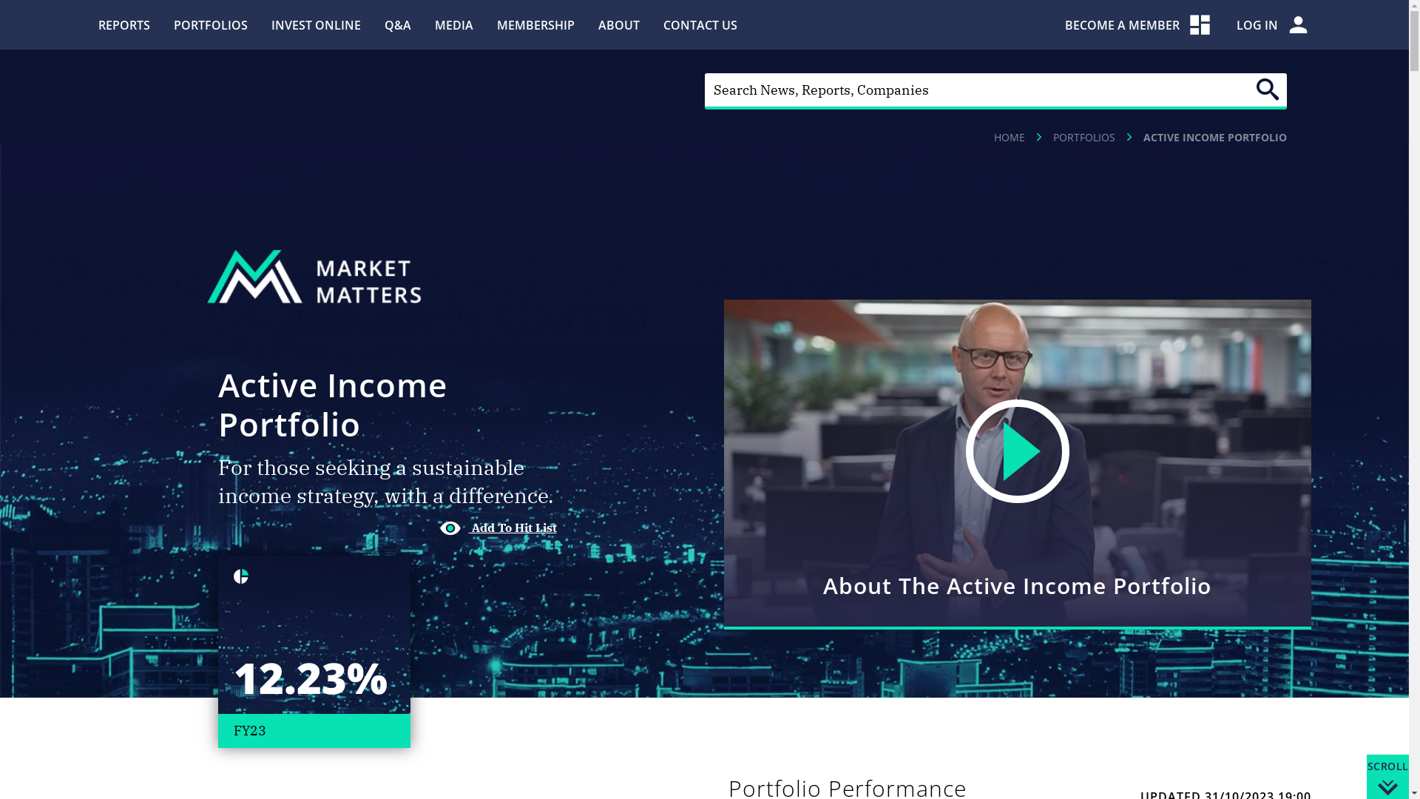 This screenshot has width=1420, height=799. I want to click on 'MEMBERSHIP', so click(535, 24).